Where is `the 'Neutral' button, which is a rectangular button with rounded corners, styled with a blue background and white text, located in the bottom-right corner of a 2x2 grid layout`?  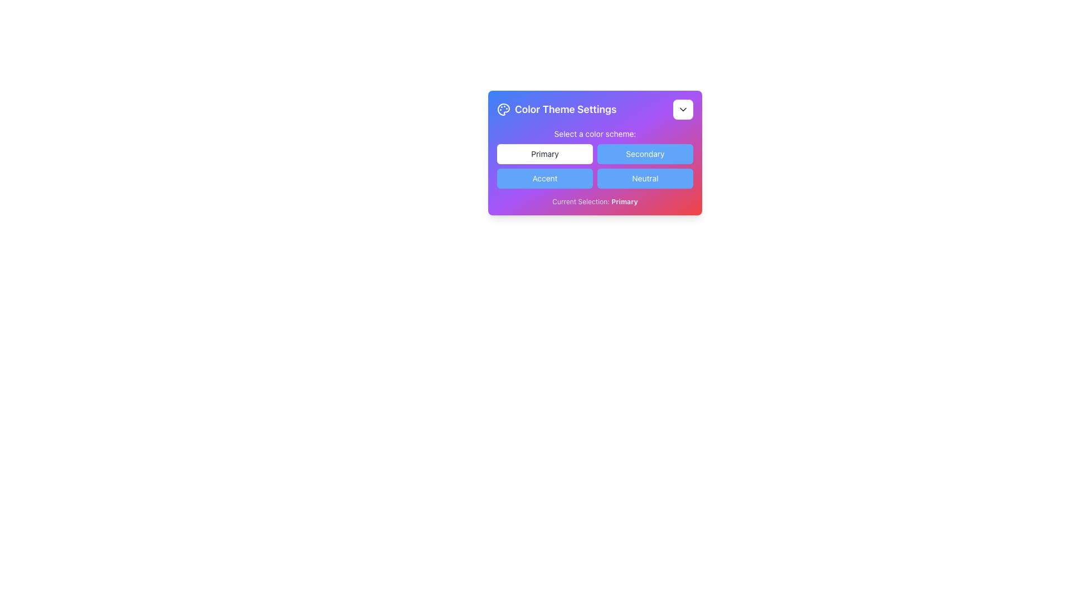
the 'Neutral' button, which is a rectangular button with rounded corners, styled with a blue background and white text, located in the bottom-right corner of a 2x2 grid layout is located at coordinates (645, 178).